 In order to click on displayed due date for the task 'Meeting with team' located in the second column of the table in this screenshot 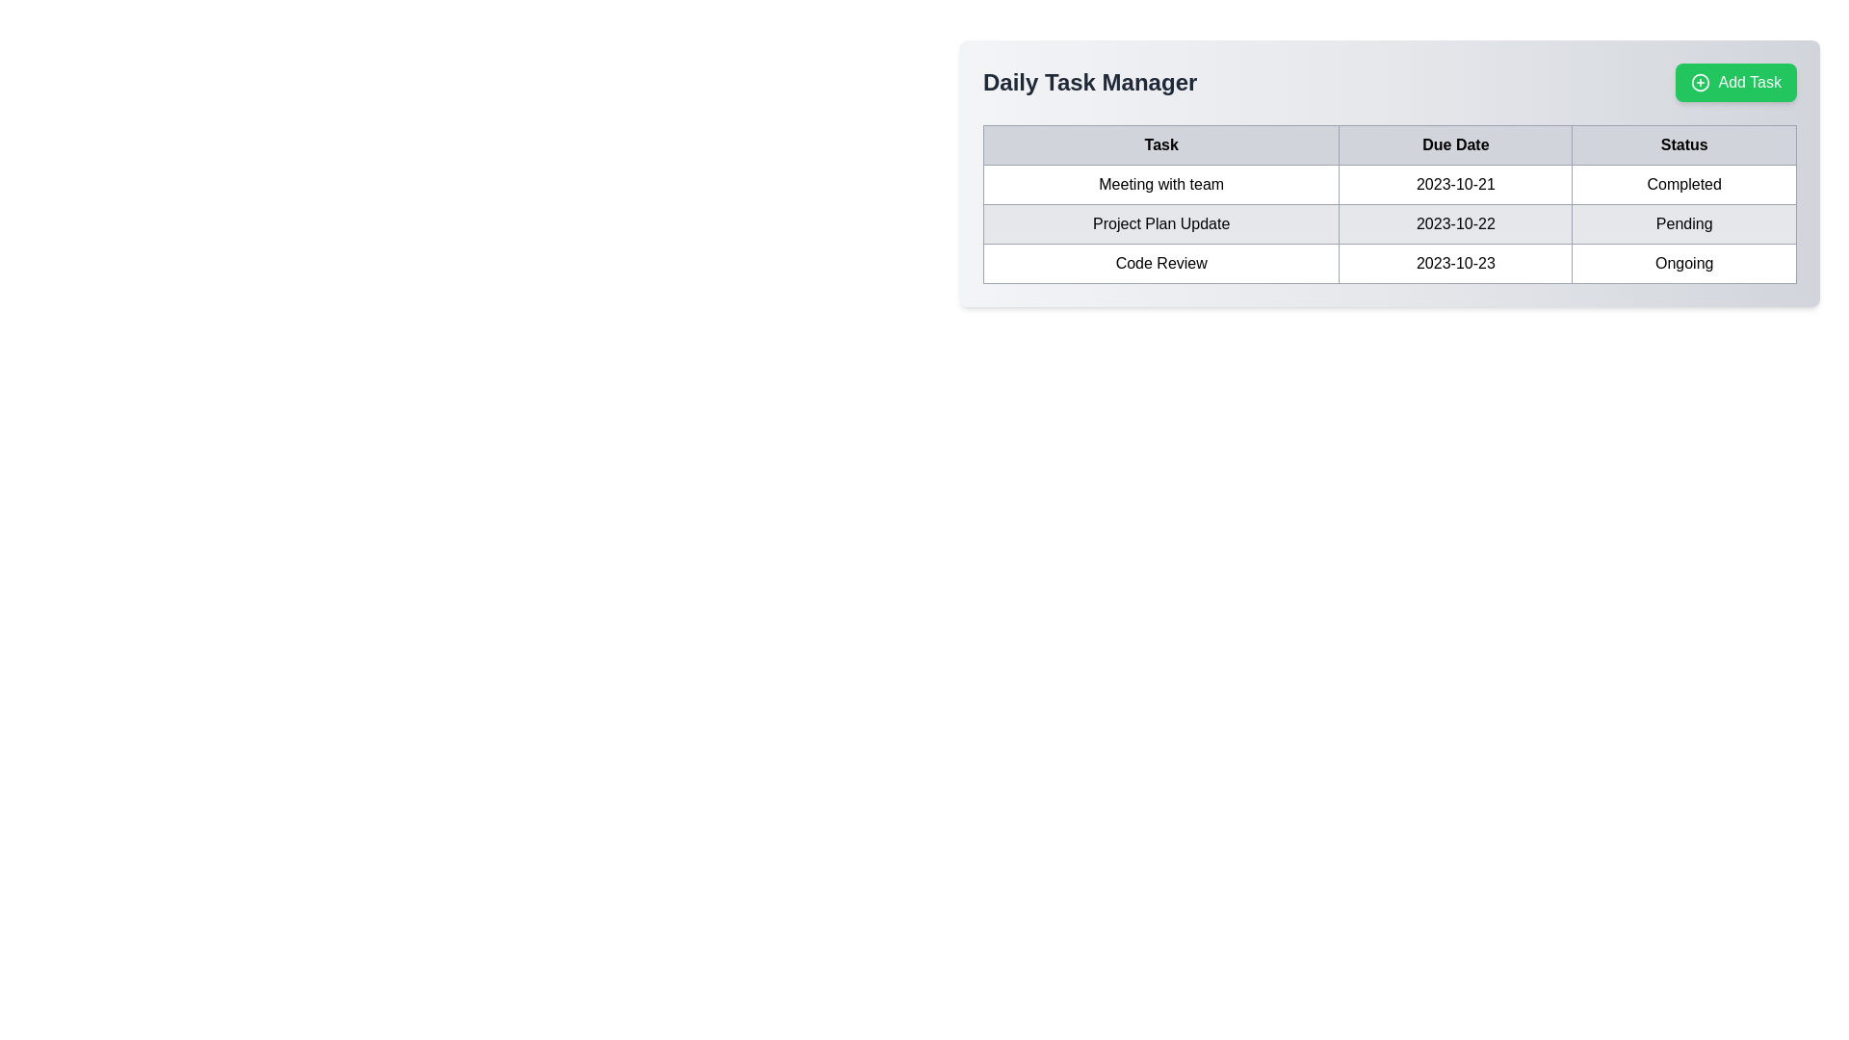, I will do `click(1455, 185)`.